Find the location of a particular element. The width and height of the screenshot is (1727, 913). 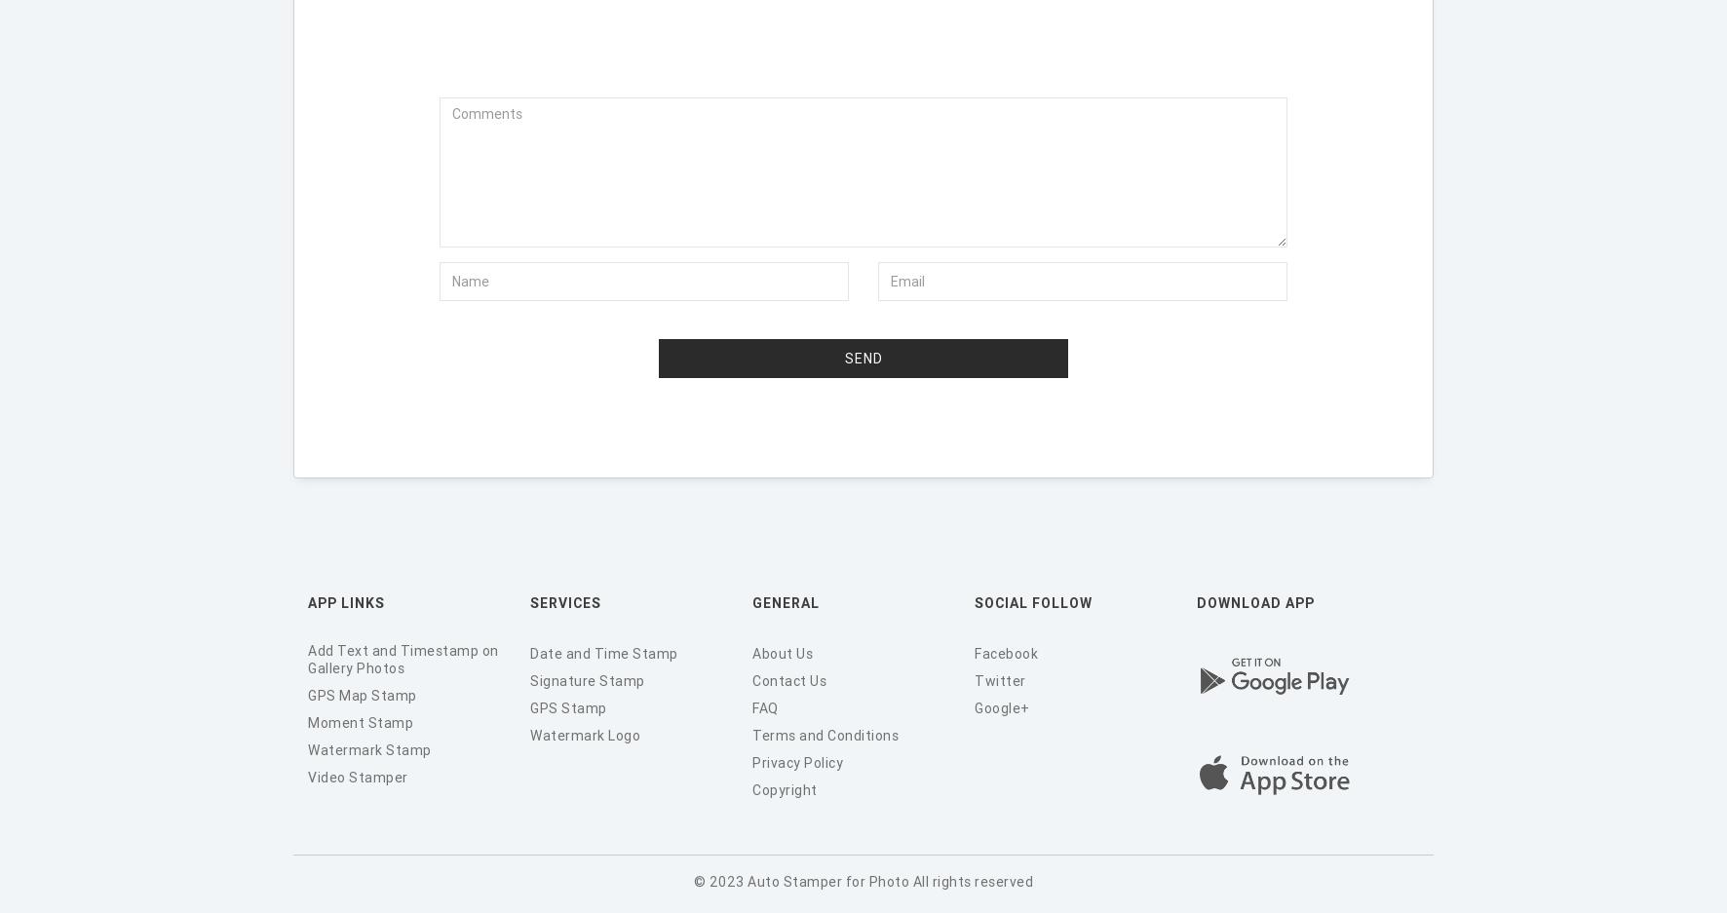

'Watermark Stamp' is located at coordinates (369, 748).